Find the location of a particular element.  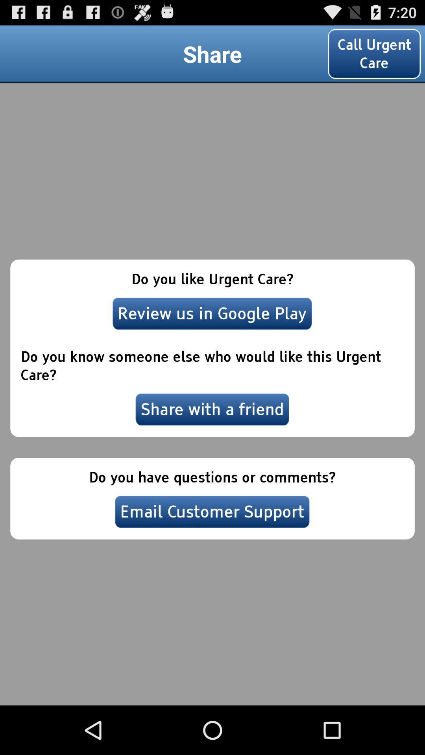

share with a is located at coordinates (213, 409).